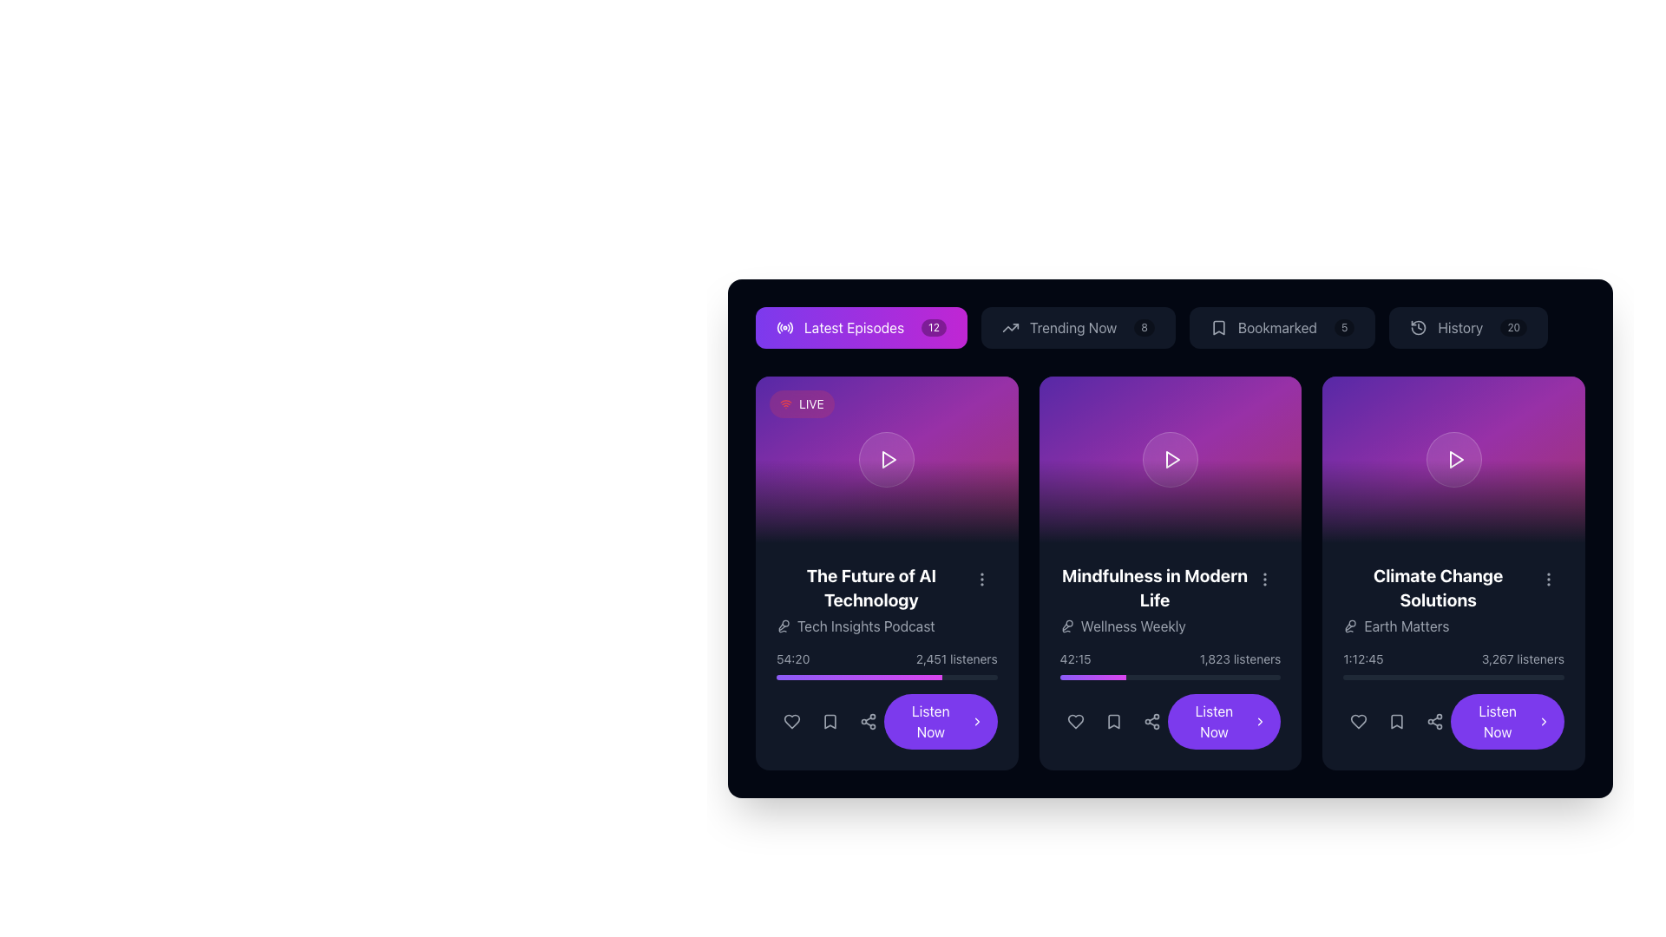  I want to click on the Text Display element showcasing the title and subtitle of the podcast episode, located, so click(887, 599).